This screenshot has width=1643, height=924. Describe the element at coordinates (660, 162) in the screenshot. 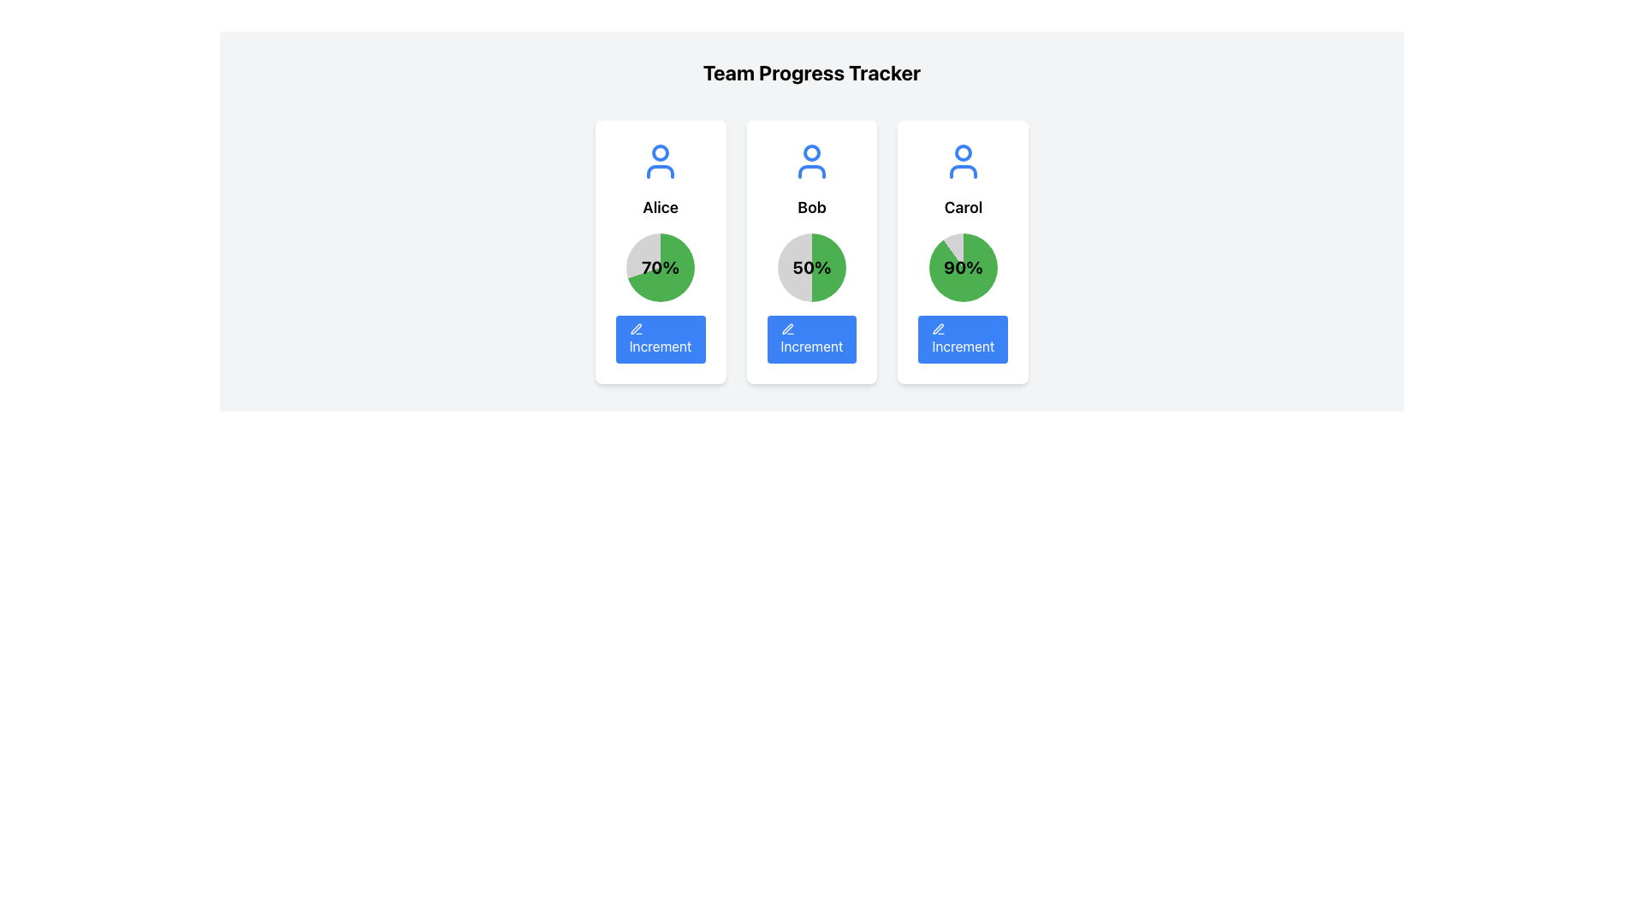

I see `the blue outline user icon located at the top of the card labeled 'Alice'` at that location.